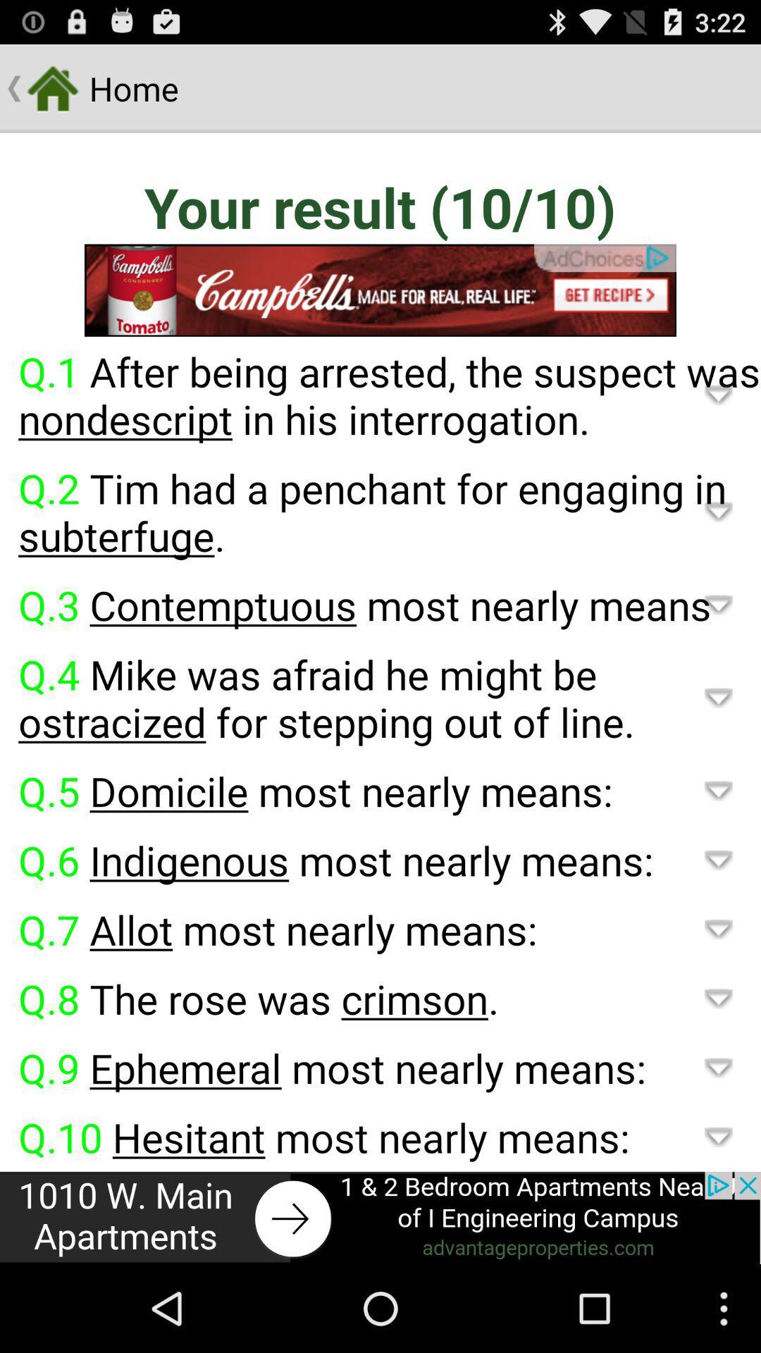 The image size is (761, 1353). What do you see at coordinates (380, 1217) in the screenshot?
I see `announcement` at bounding box center [380, 1217].